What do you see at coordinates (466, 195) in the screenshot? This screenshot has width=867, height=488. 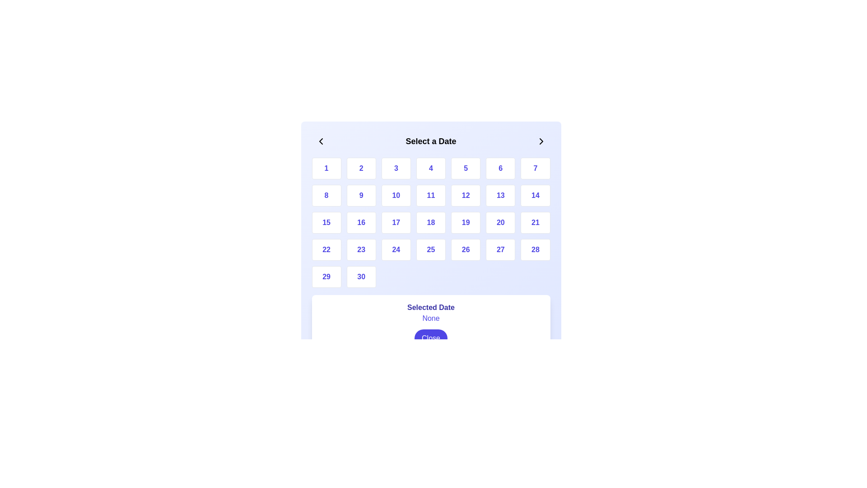 I see `the twelfth button in a grid layout, which has a white background and displays the number '12' in indigo color` at bounding box center [466, 195].